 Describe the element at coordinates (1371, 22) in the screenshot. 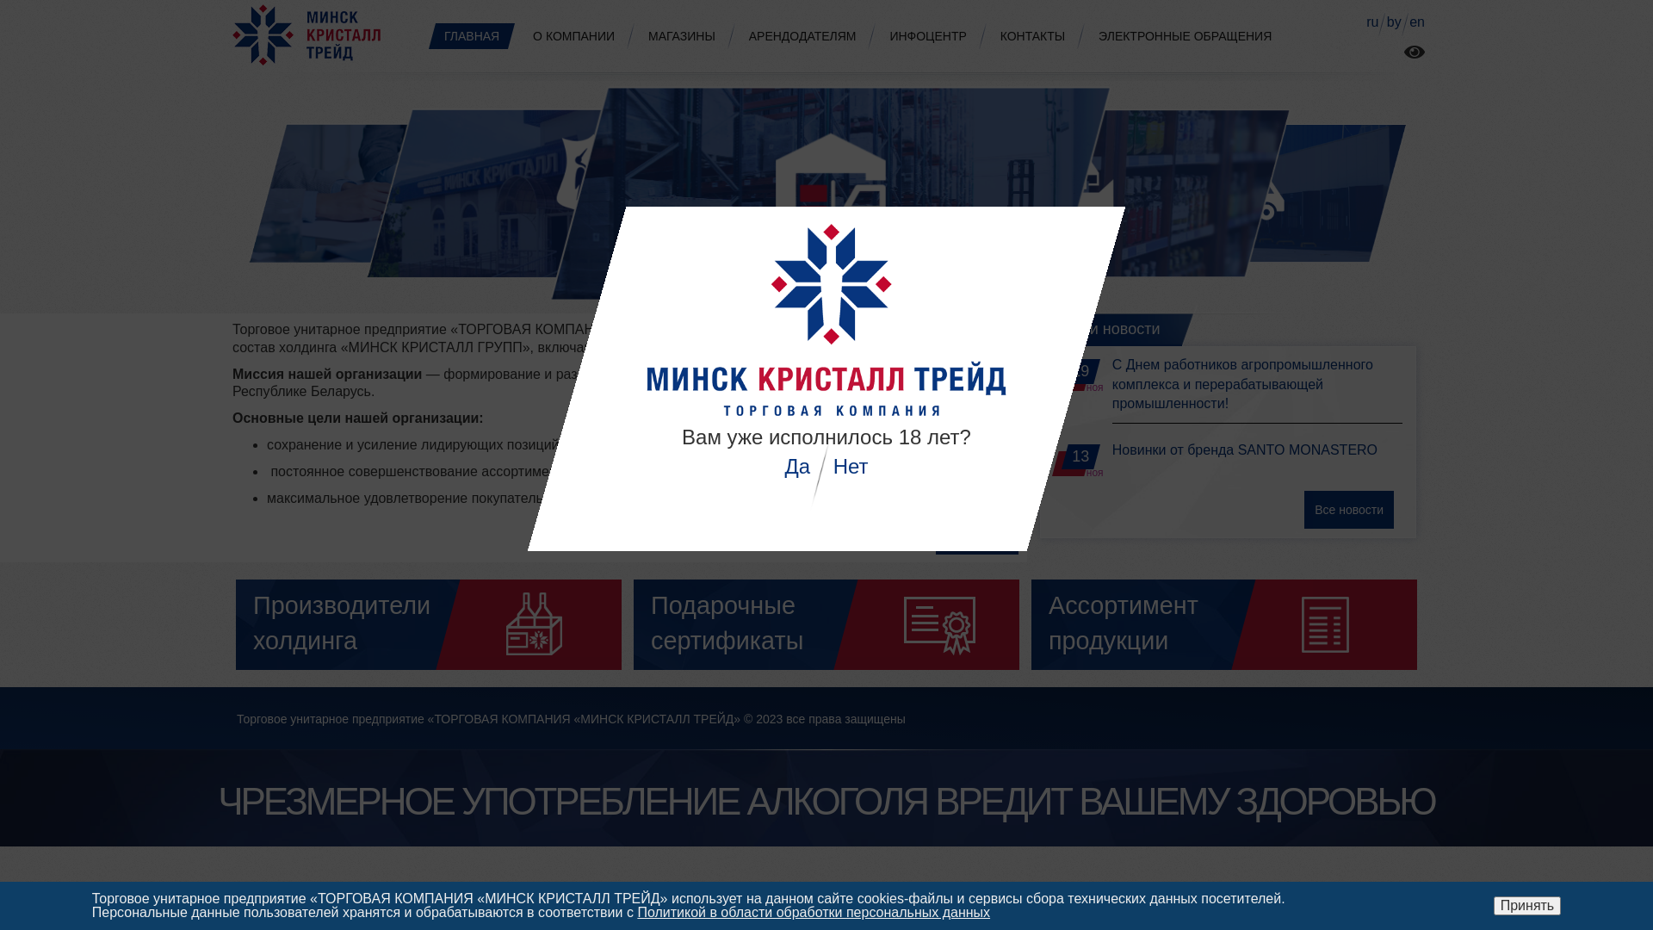

I see `'ru'` at that location.